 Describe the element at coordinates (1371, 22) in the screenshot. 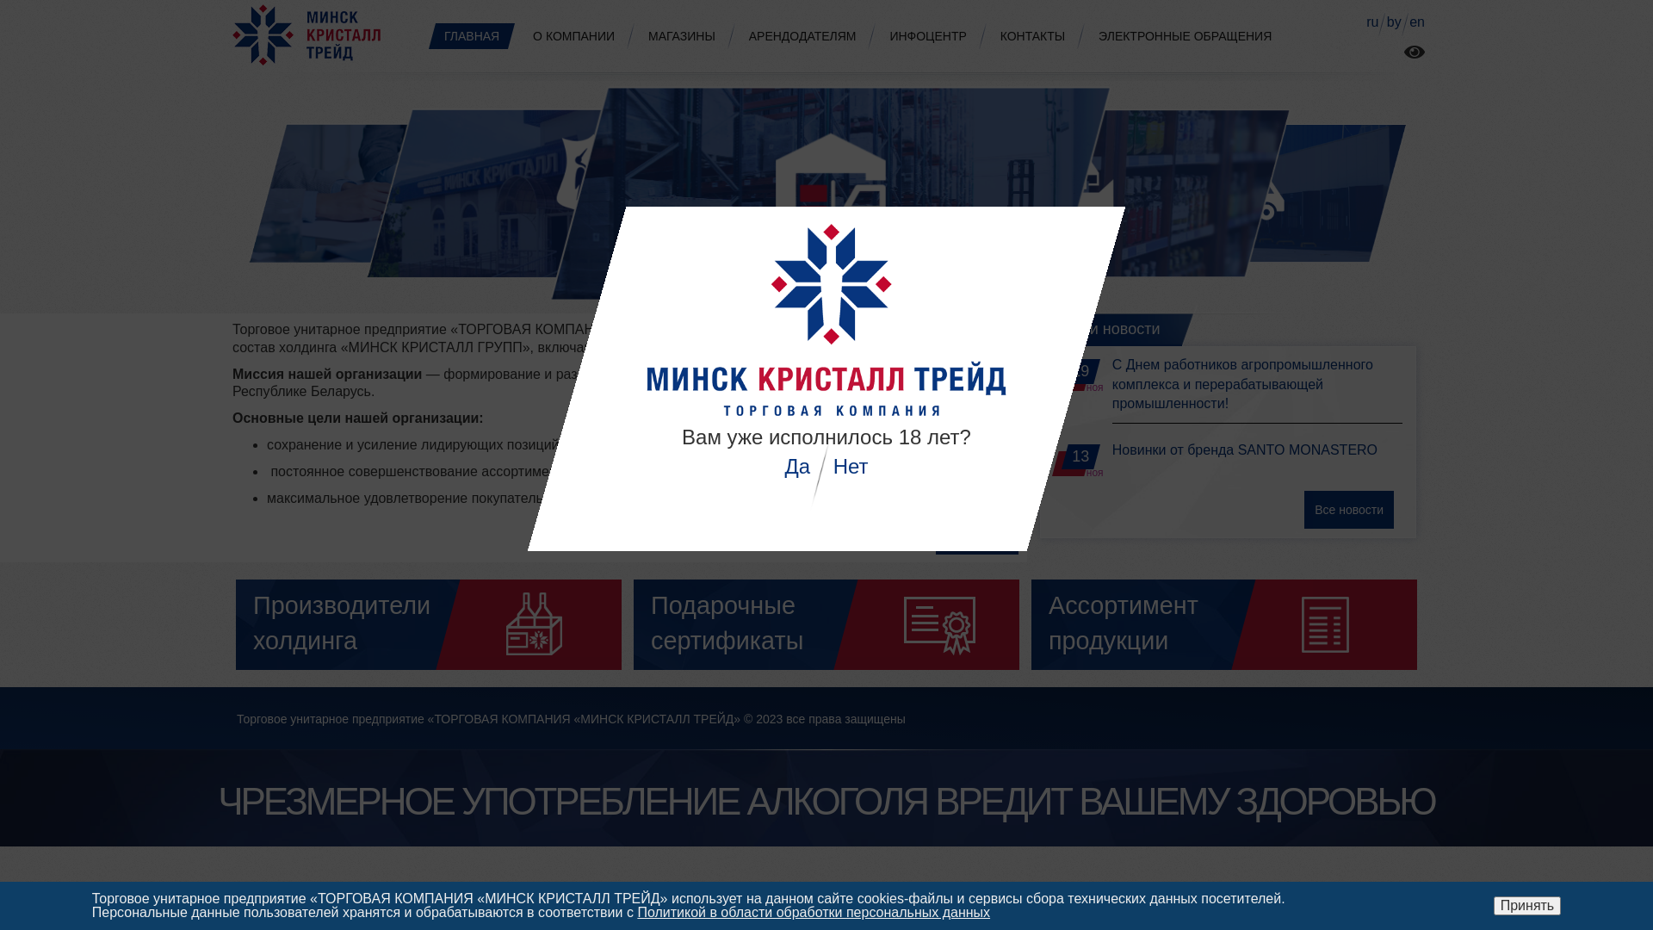

I see `'ru'` at that location.